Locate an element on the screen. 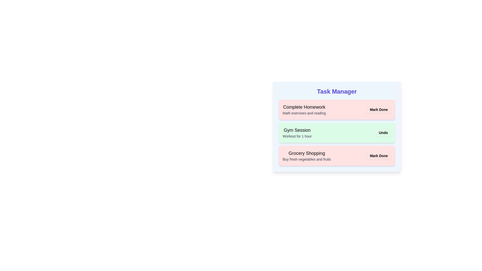  the task title Gym Session in the task list is located at coordinates (297, 130).